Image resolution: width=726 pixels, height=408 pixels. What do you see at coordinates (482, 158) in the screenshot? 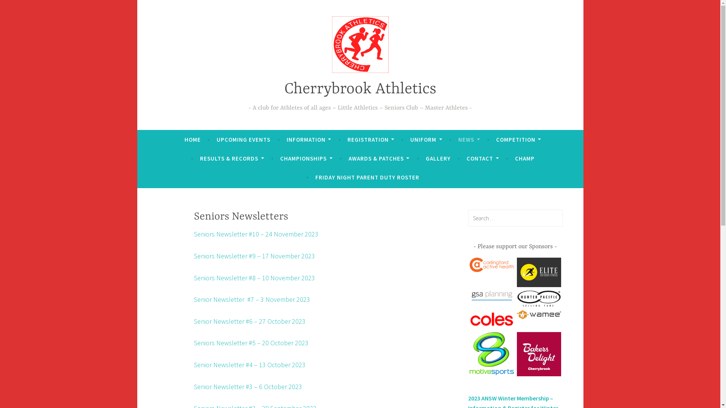
I see `'CONTACT'` at bounding box center [482, 158].